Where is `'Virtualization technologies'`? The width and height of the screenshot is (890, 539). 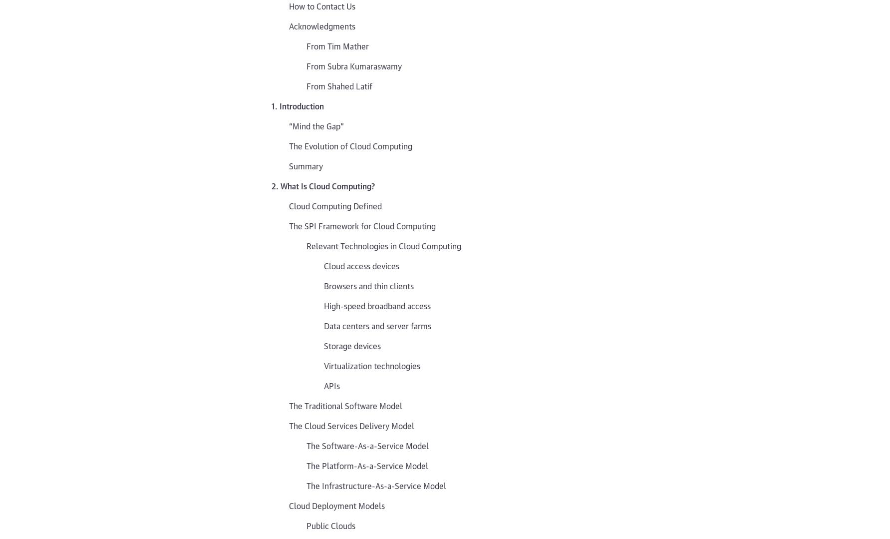
'Virtualization technologies' is located at coordinates (371, 365).